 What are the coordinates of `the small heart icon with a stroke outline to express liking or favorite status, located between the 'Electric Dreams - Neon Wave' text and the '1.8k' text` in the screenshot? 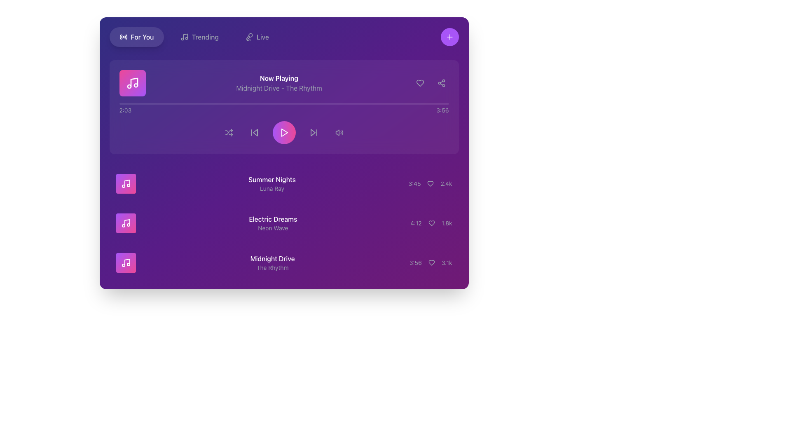 It's located at (431, 223).